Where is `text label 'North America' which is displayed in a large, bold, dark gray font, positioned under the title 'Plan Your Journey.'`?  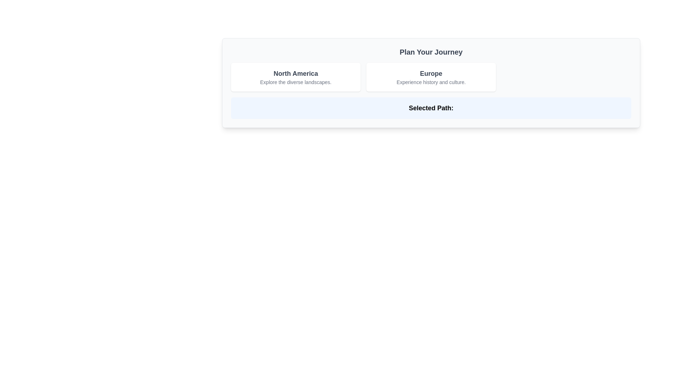
text label 'North America' which is displayed in a large, bold, dark gray font, positioned under the title 'Plan Your Journey.' is located at coordinates (295, 73).